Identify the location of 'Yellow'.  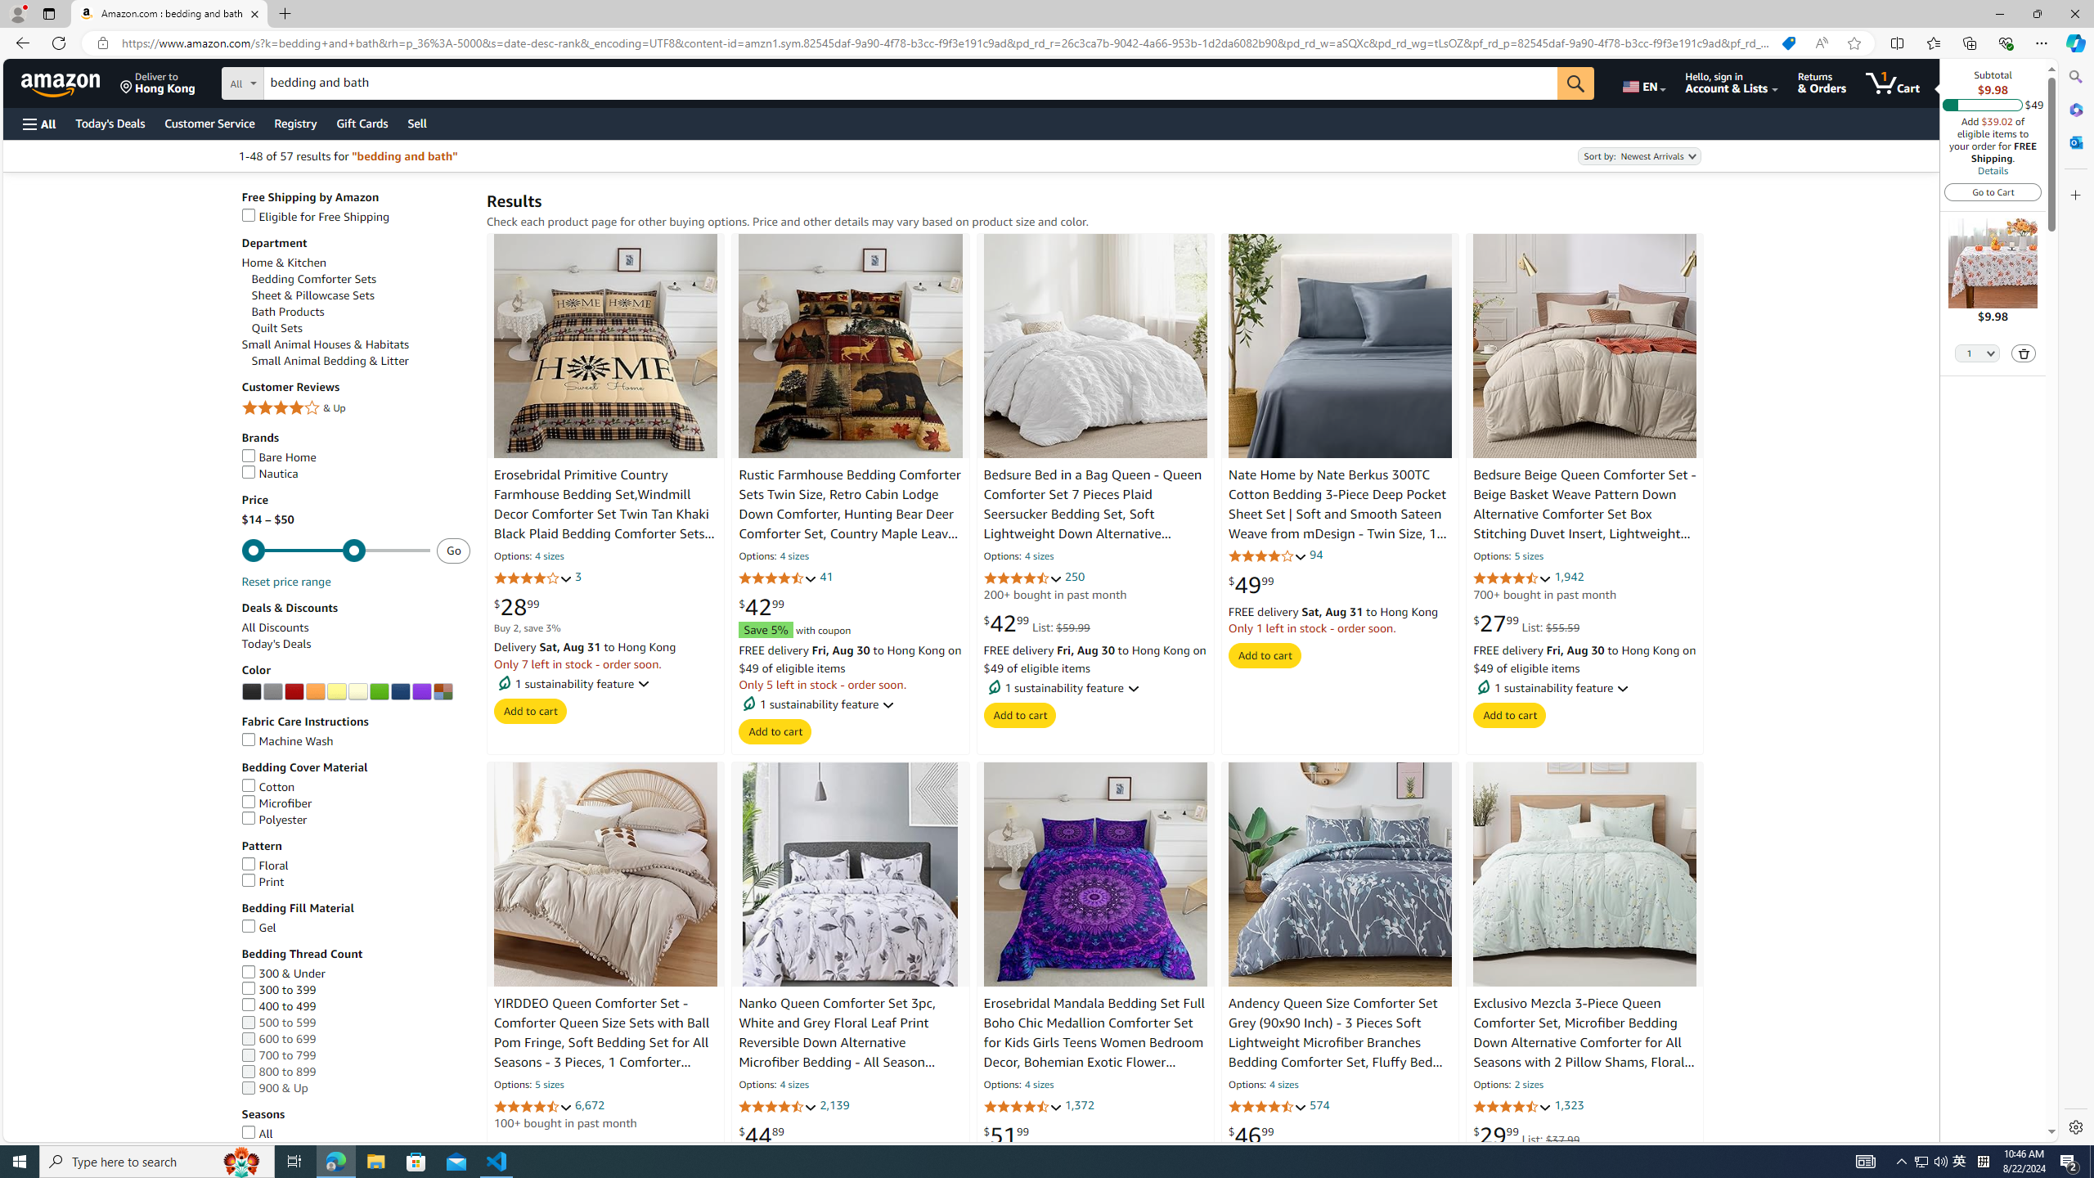
(336, 692).